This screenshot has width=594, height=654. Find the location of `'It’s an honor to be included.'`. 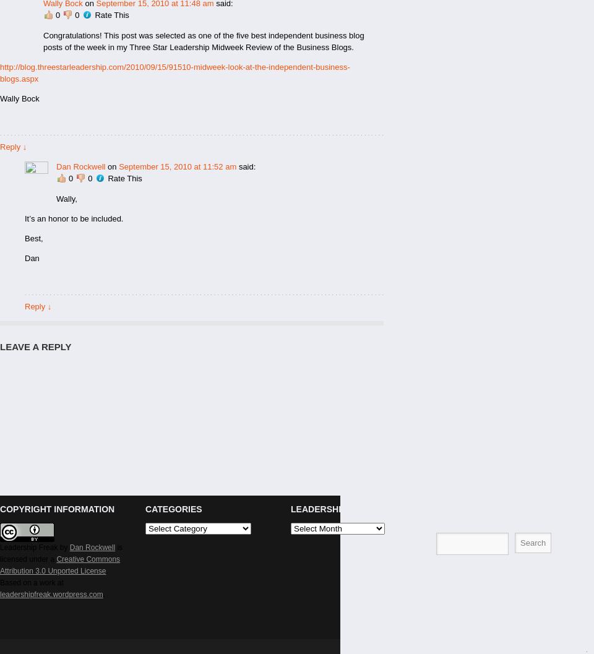

'It’s an honor to be included.' is located at coordinates (74, 218).